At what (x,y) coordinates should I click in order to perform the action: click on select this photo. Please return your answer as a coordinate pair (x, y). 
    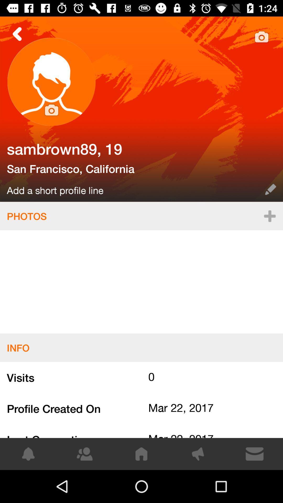
    Looking at the image, I should click on (141, 109).